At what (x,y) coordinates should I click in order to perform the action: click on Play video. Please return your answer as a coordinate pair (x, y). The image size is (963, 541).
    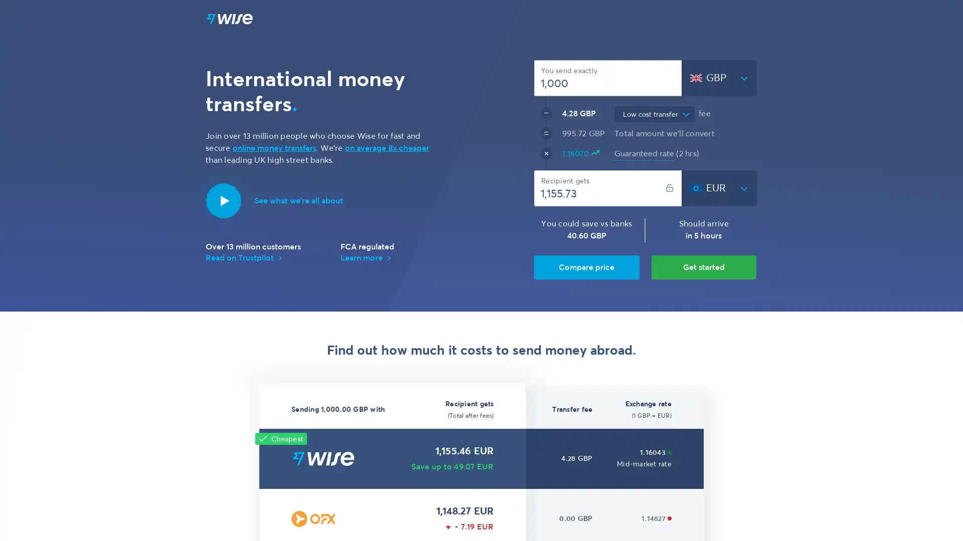
    Looking at the image, I should click on (223, 200).